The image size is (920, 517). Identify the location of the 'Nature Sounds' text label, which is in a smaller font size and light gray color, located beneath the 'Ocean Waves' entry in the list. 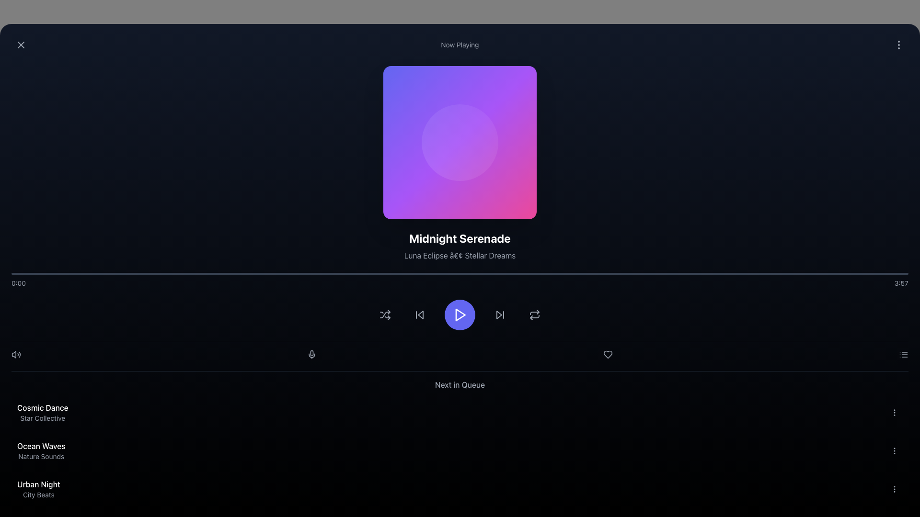
(41, 456).